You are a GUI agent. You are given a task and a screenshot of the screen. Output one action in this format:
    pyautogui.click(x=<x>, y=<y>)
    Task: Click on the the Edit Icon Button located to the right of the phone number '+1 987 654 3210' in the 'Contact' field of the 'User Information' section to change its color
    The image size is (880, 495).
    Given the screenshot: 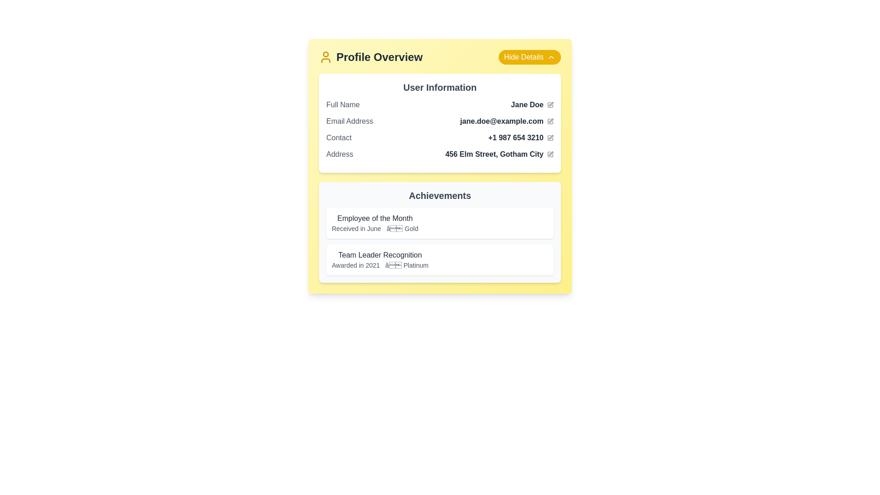 What is the action you would take?
    pyautogui.click(x=550, y=137)
    